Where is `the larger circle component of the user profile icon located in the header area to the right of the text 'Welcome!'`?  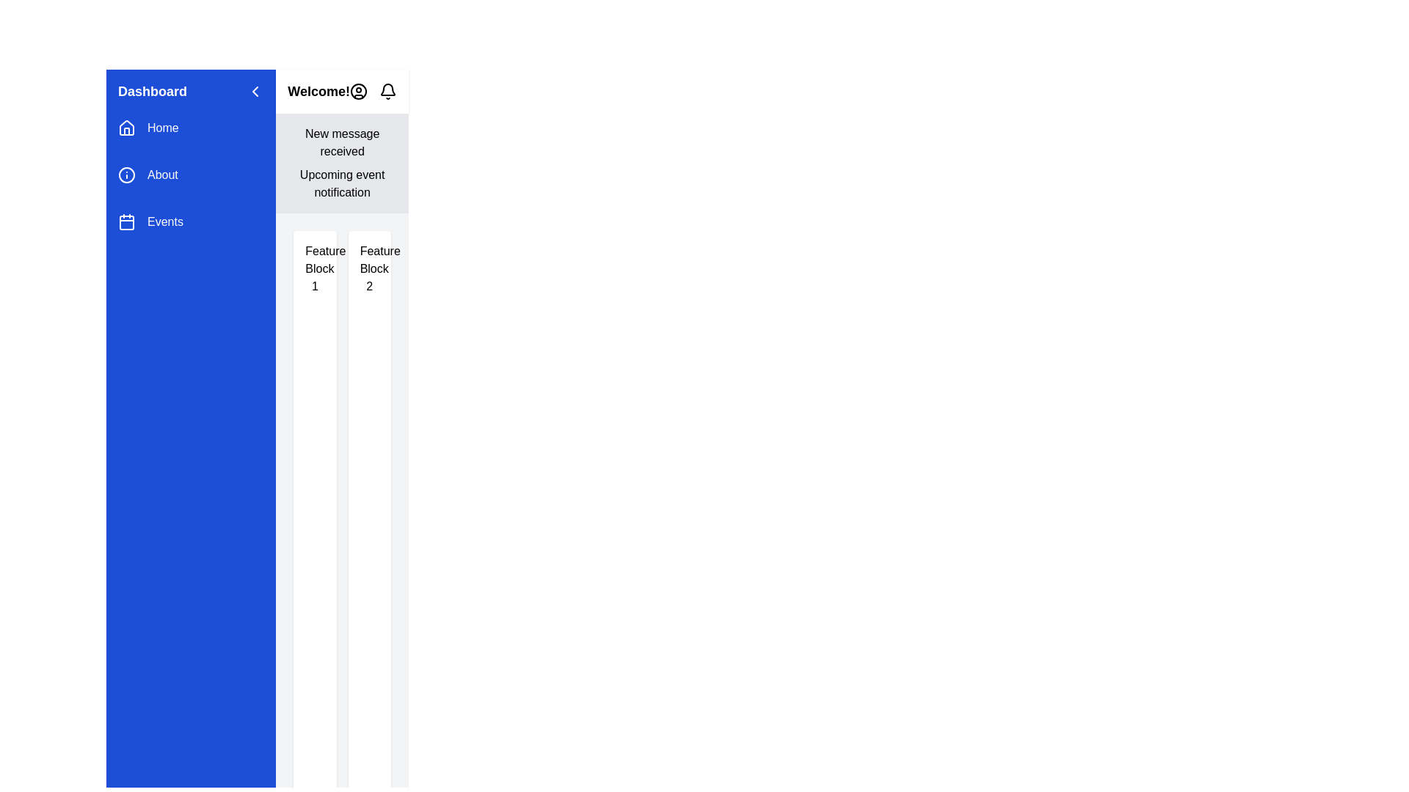 the larger circle component of the user profile icon located in the header area to the right of the text 'Welcome!' is located at coordinates (359, 91).